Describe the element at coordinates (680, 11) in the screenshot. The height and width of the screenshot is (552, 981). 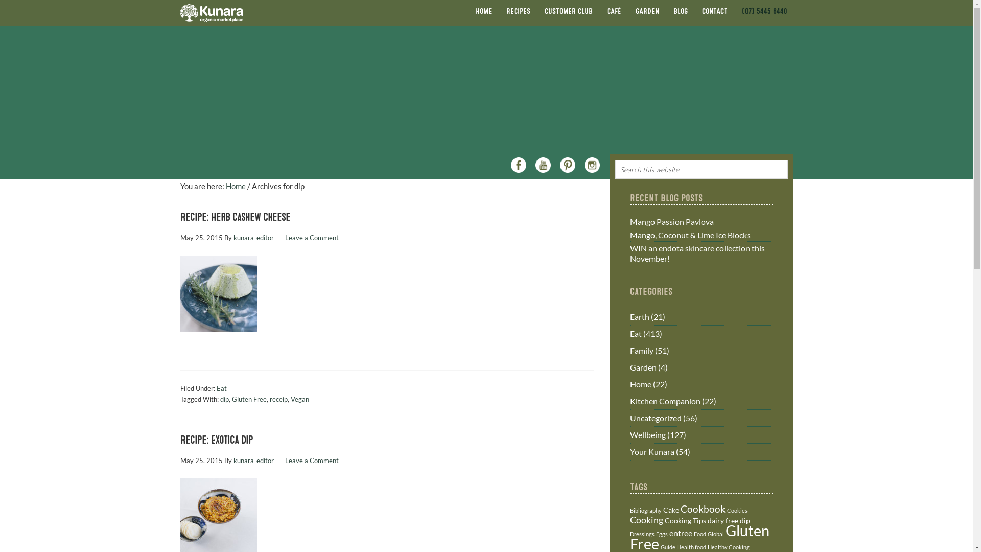
I see `'BLOG'` at that location.